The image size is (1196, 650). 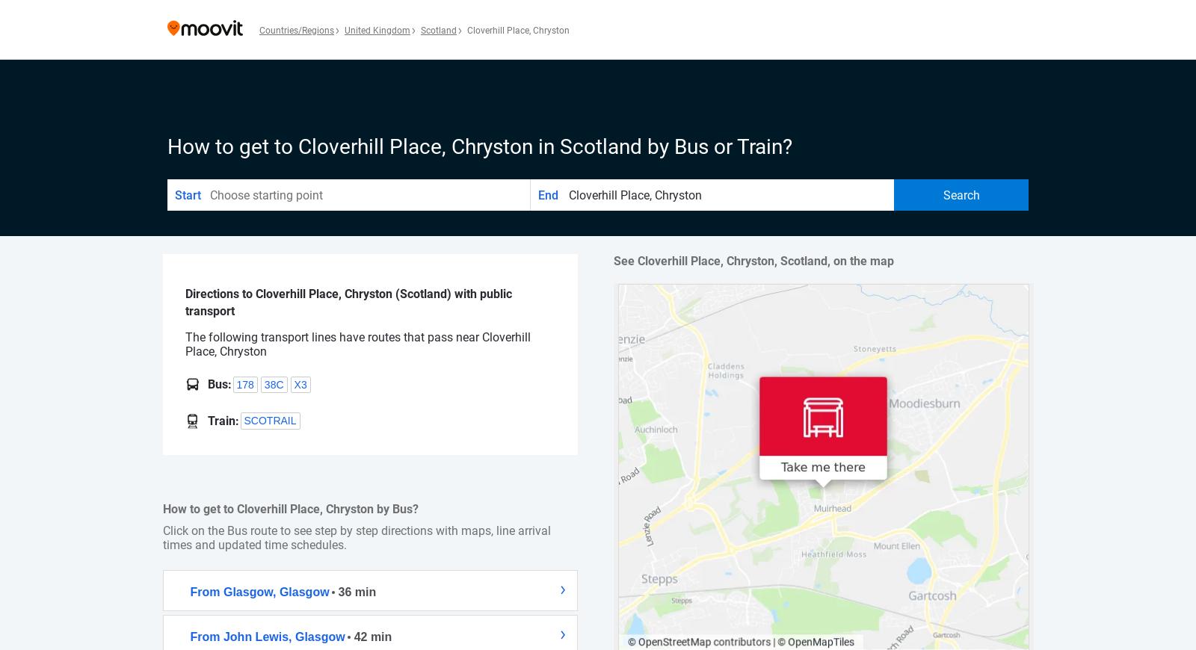 I want to click on 'Scotland', so click(x=438, y=29).